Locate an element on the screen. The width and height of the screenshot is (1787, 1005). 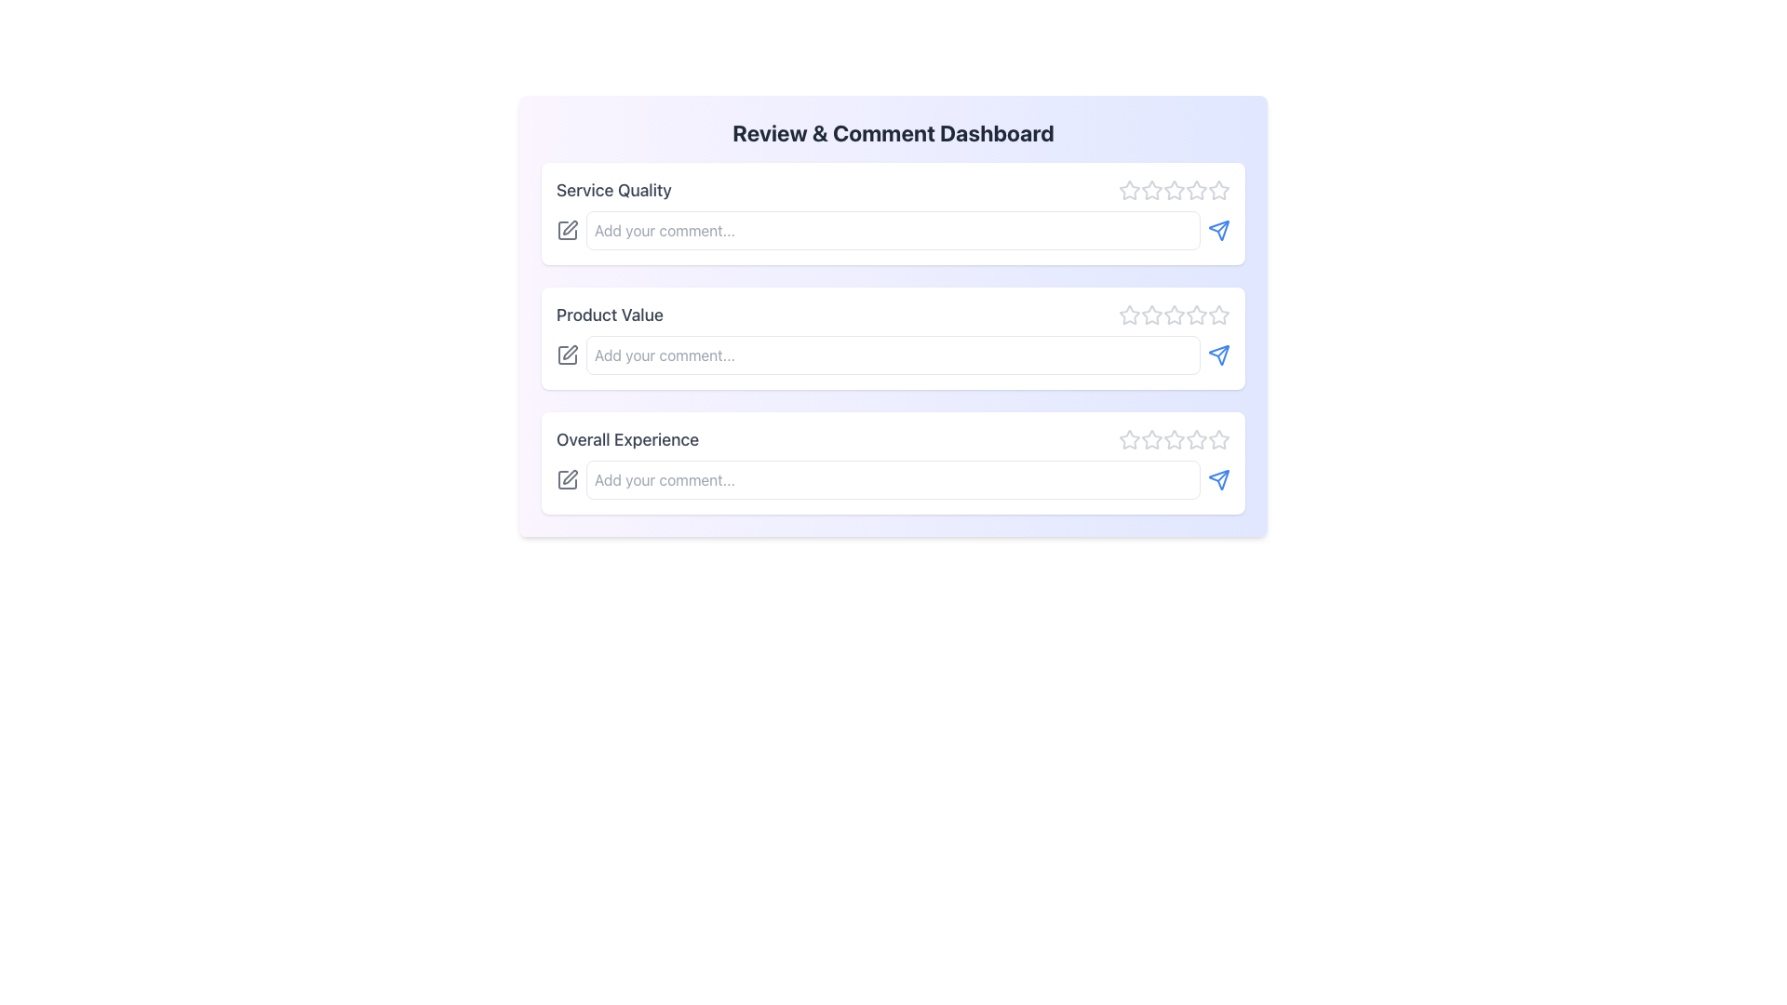
the edit icon button adjacent to the 'Overall Experience' text input field is located at coordinates (566, 479).